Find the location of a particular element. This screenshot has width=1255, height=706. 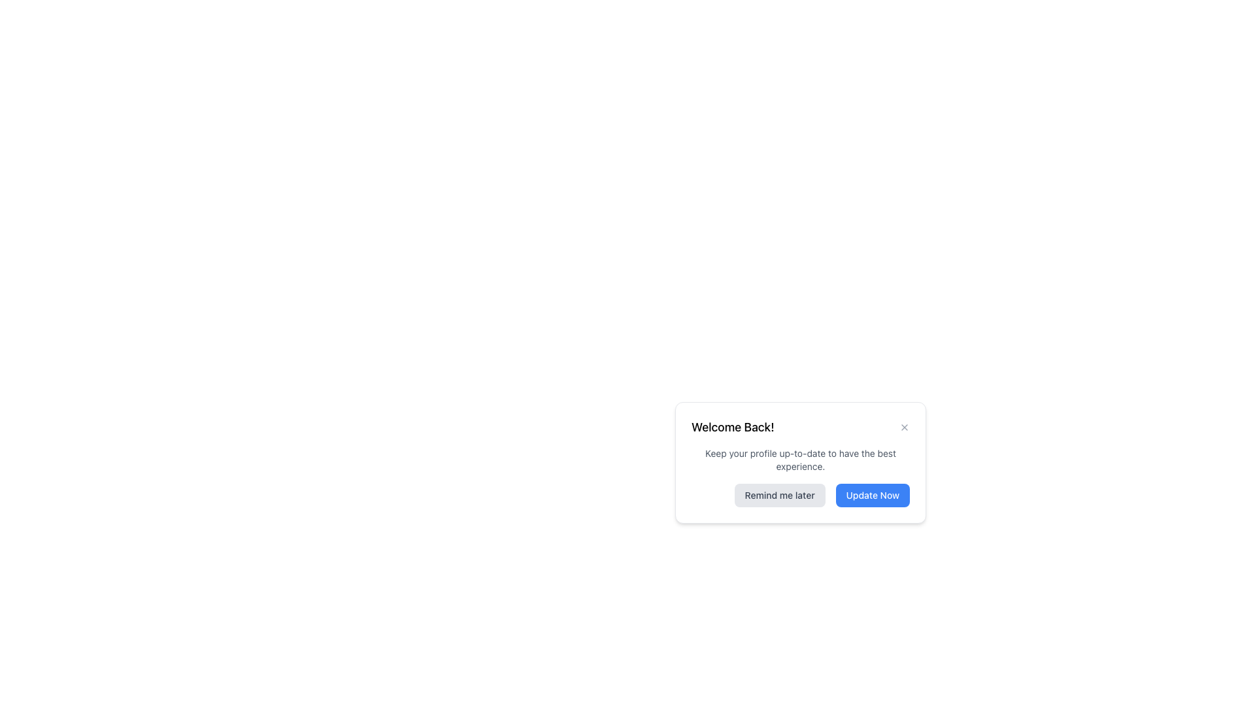

the confirmation button located in the bottom-right section of the dialog box to change its appearance is located at coordinates (873, 496).